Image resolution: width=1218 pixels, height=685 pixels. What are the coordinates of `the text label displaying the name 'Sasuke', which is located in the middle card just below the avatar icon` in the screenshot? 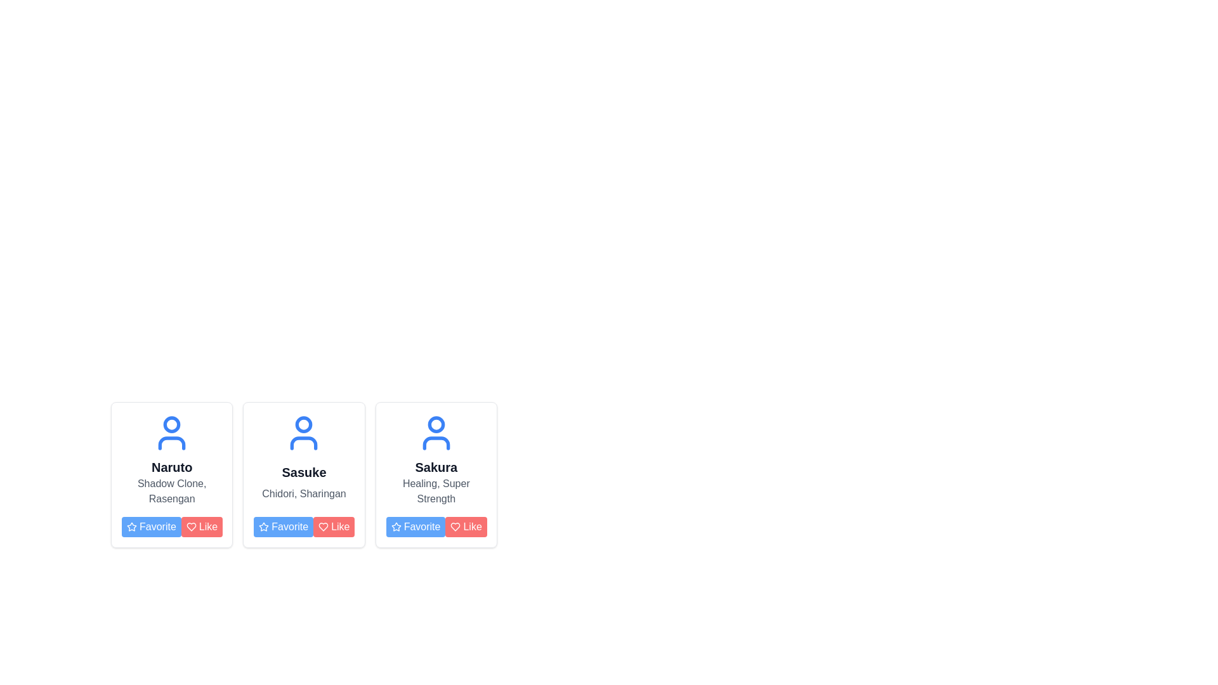 It's located at (303, 472).